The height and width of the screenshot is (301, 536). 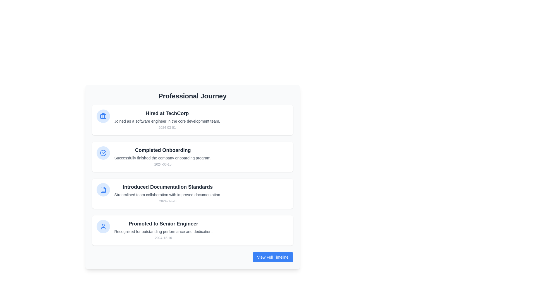 I want to click on the information card titled 'Promoted to Senior Engineer' located at the bottom of a stack of achievement cards, so click(x=163, y=230).